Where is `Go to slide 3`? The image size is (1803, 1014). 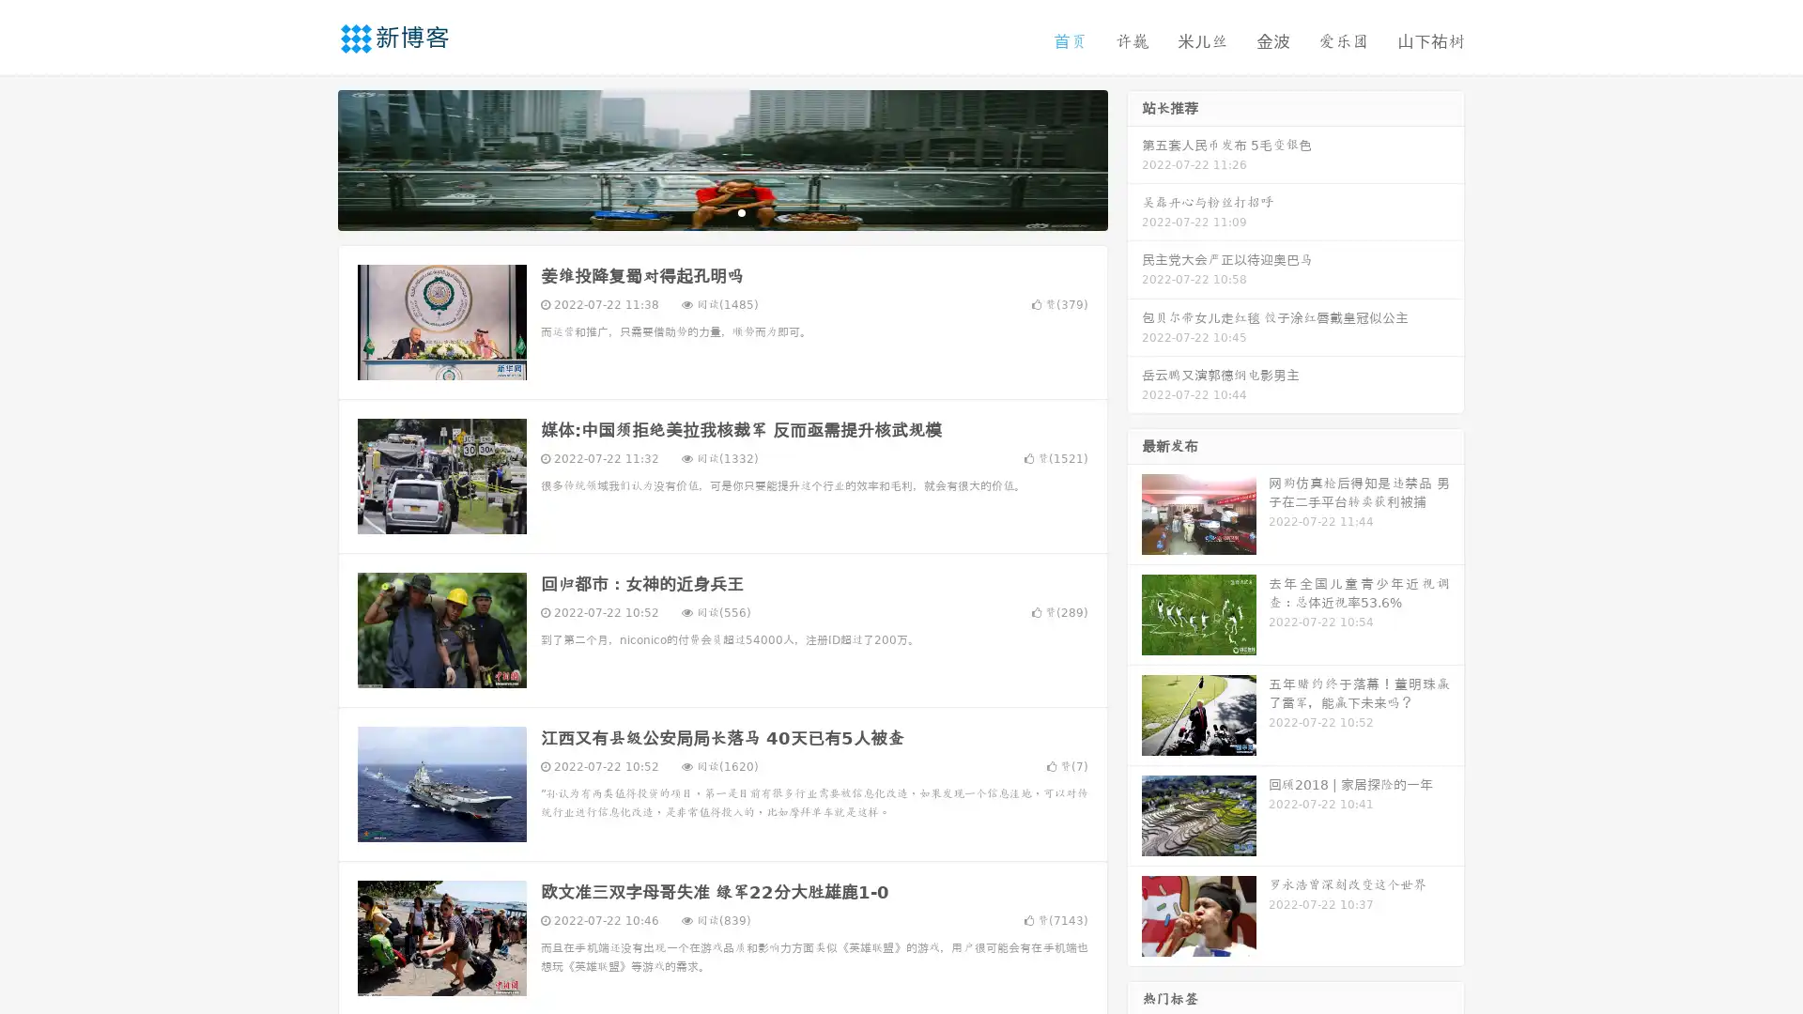
Go to slide 3 is located at coordinates (741, 211).